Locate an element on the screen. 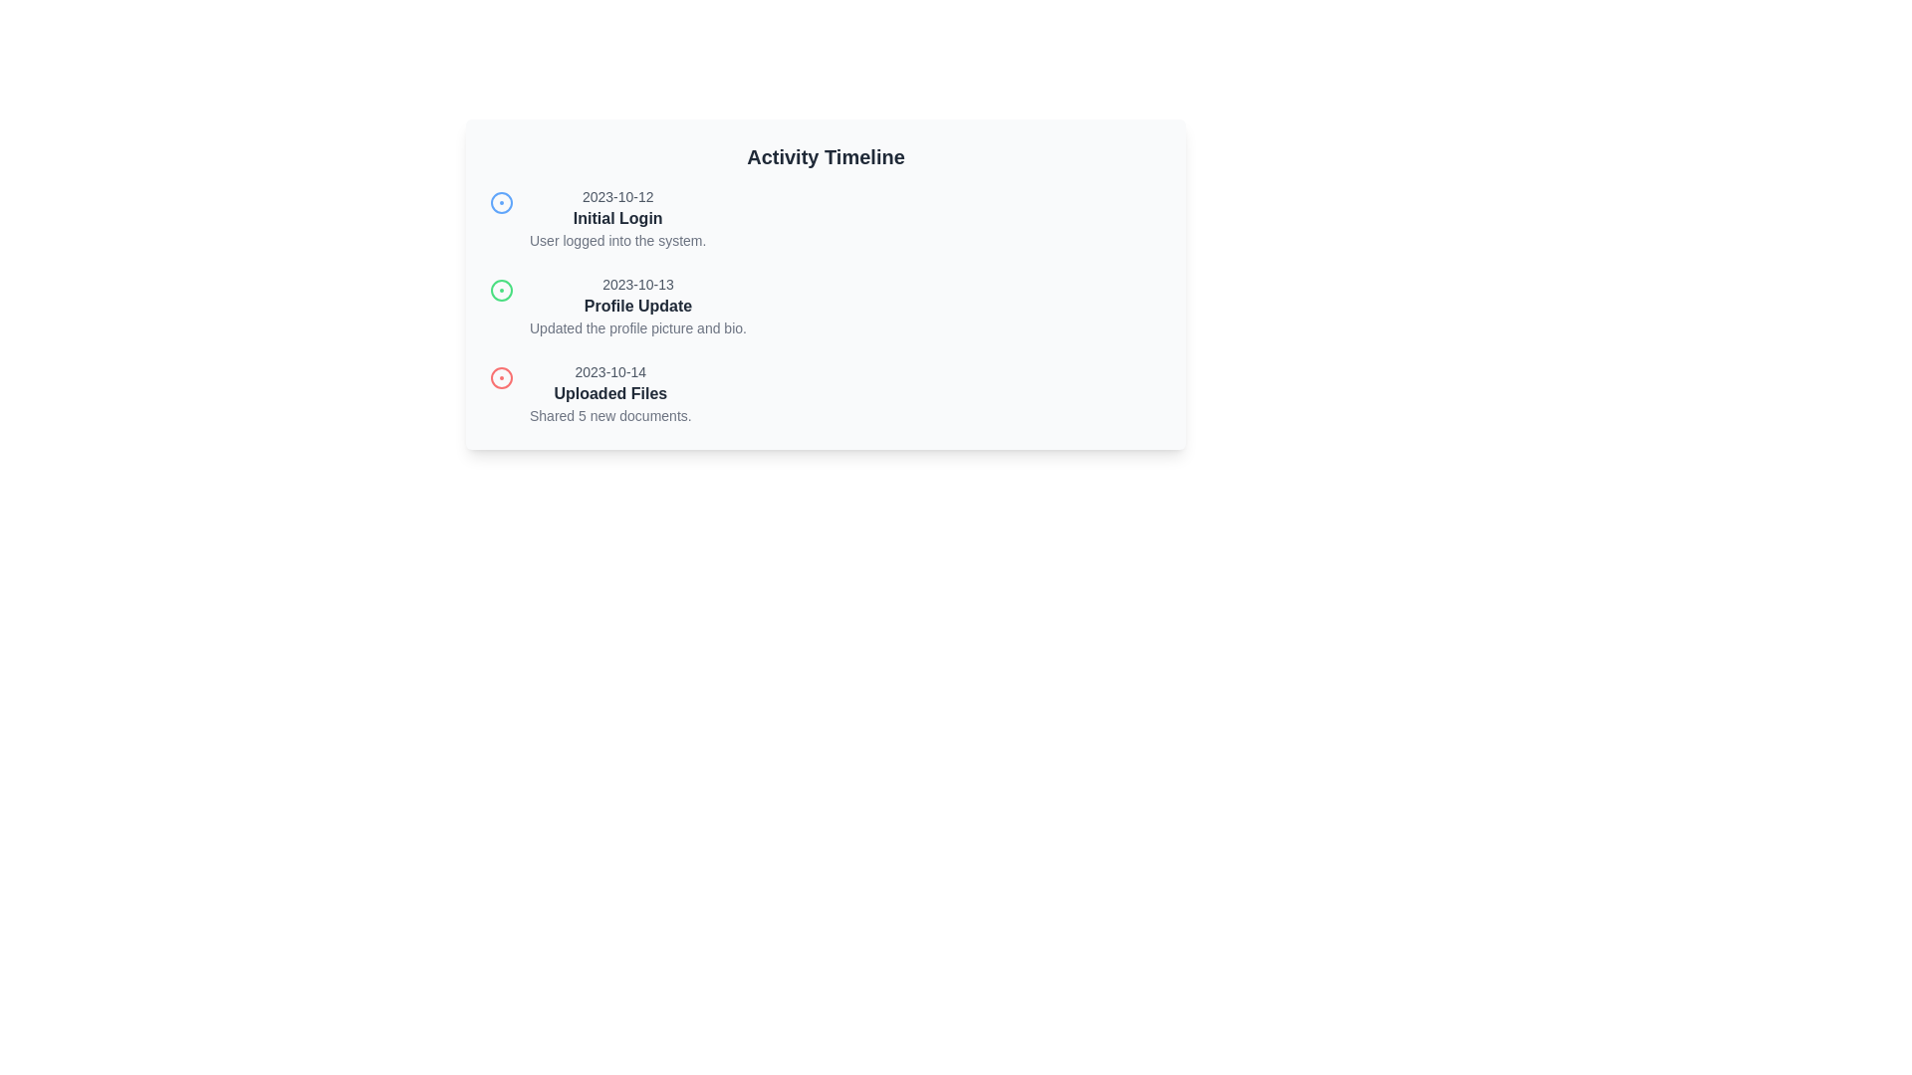 Image resolution: width=1912 pixels, height=1075 pixels. the text label displaying 'Uploaded Files', which is centered between the date '2023-10-14' above it and the text 'Shared 5 new documents.' below it, located in the activity timeline section is located at coordinates (609, 394).